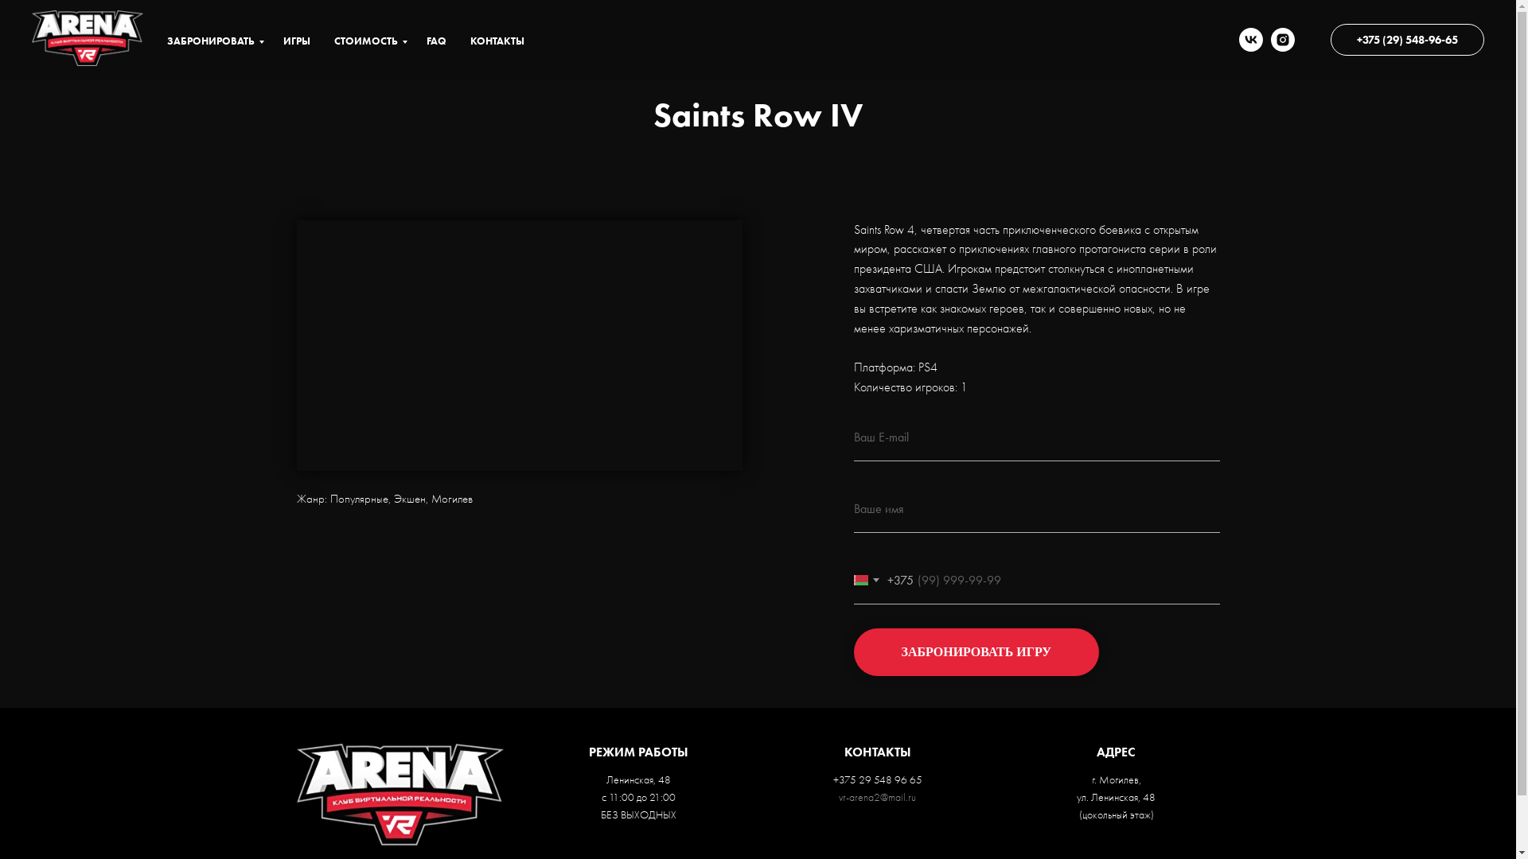  What do you see at coordinates (436, 39) in the screenshot?
I see `'FAQ'` at bounding box center [436, 39].